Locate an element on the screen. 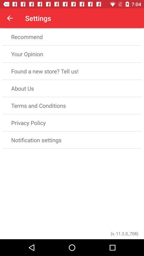 The width and height of the screenshot is (144, 256). the notification settings icon is located at coordinates (72, 140).